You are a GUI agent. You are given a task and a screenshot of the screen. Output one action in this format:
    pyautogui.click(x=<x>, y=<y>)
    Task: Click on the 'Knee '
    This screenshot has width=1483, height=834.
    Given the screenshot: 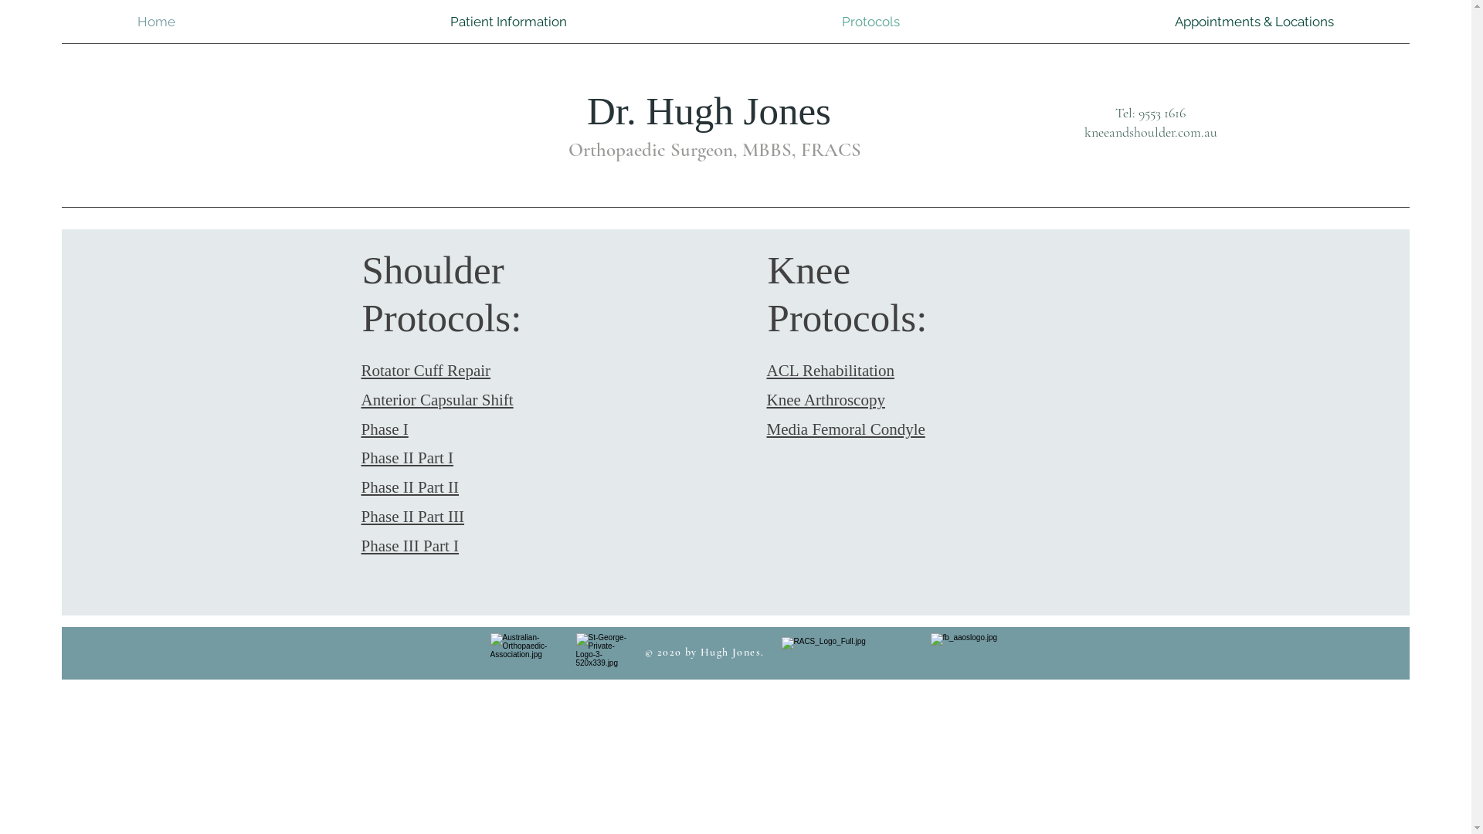 What is the action you would take?
    pyautogui.click(x=813, y=270)
    